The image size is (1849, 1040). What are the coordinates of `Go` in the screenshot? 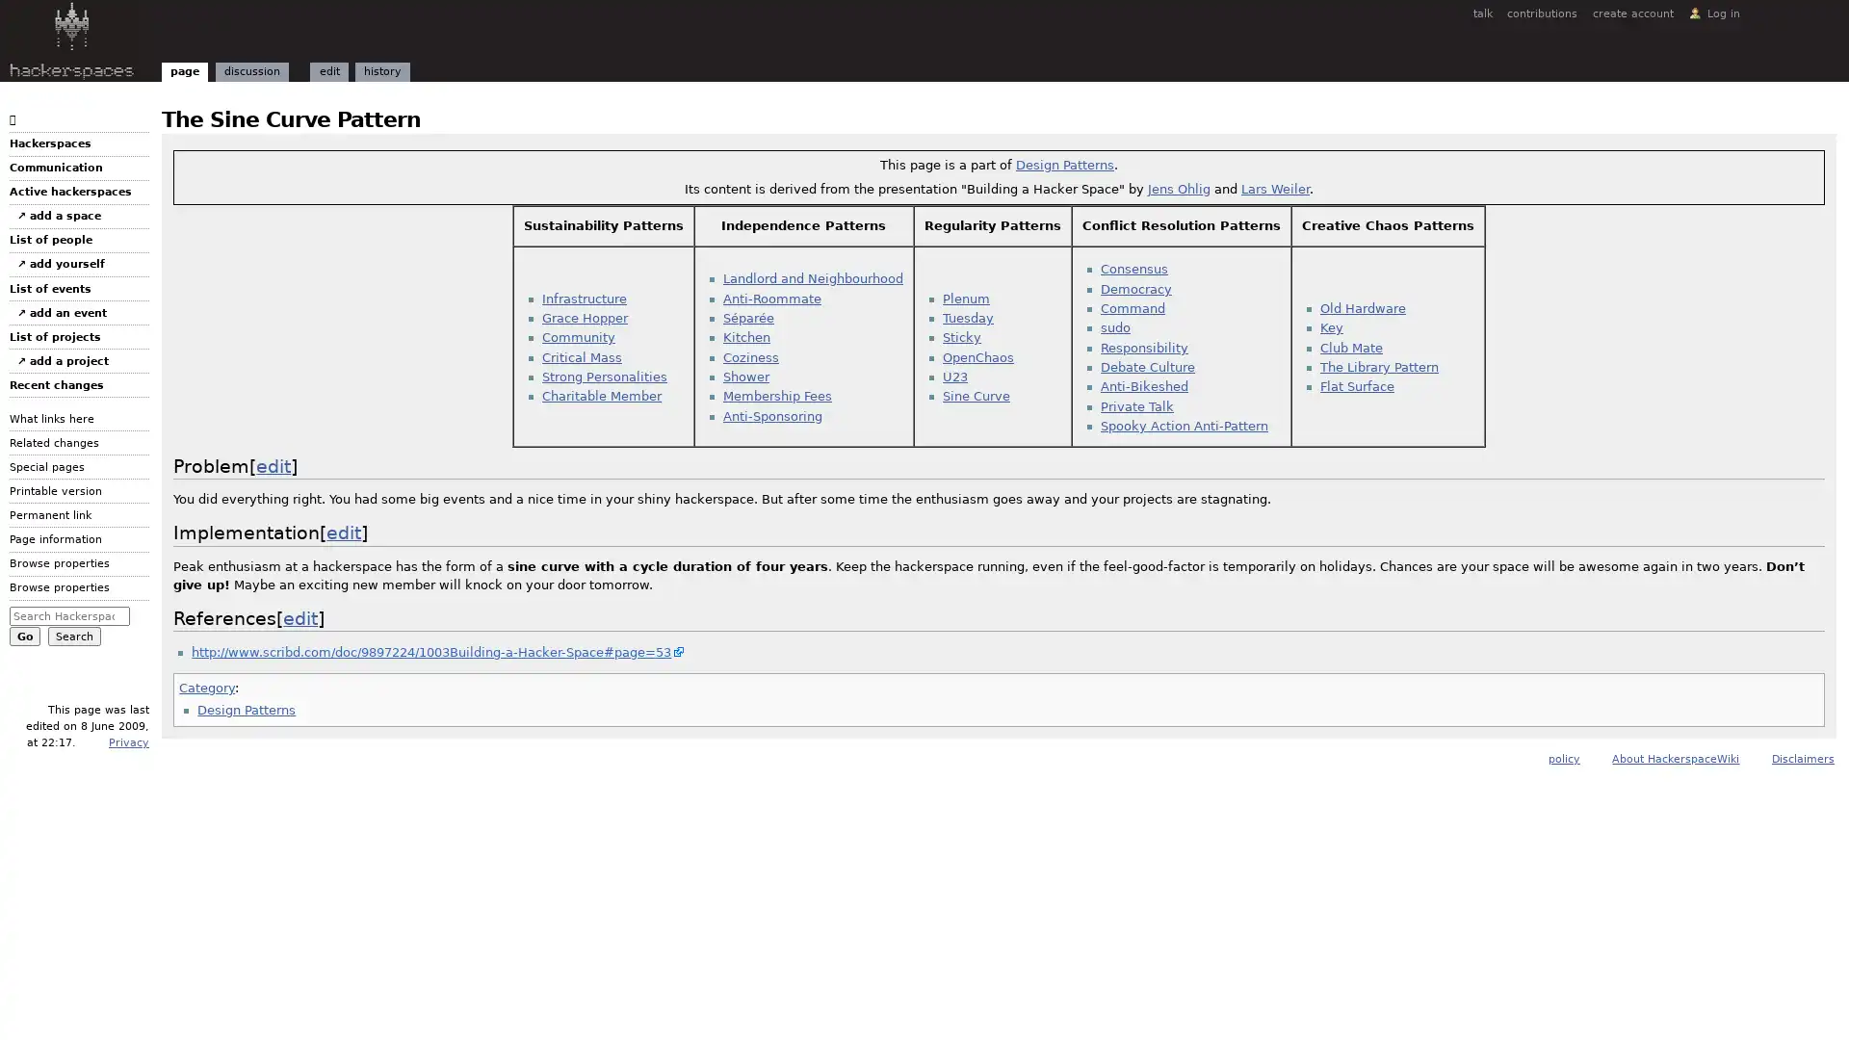 It's located at (24, 636).